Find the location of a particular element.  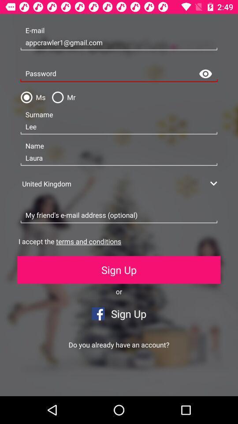

the icon above the lee icon is located at coordinates (61, 97).